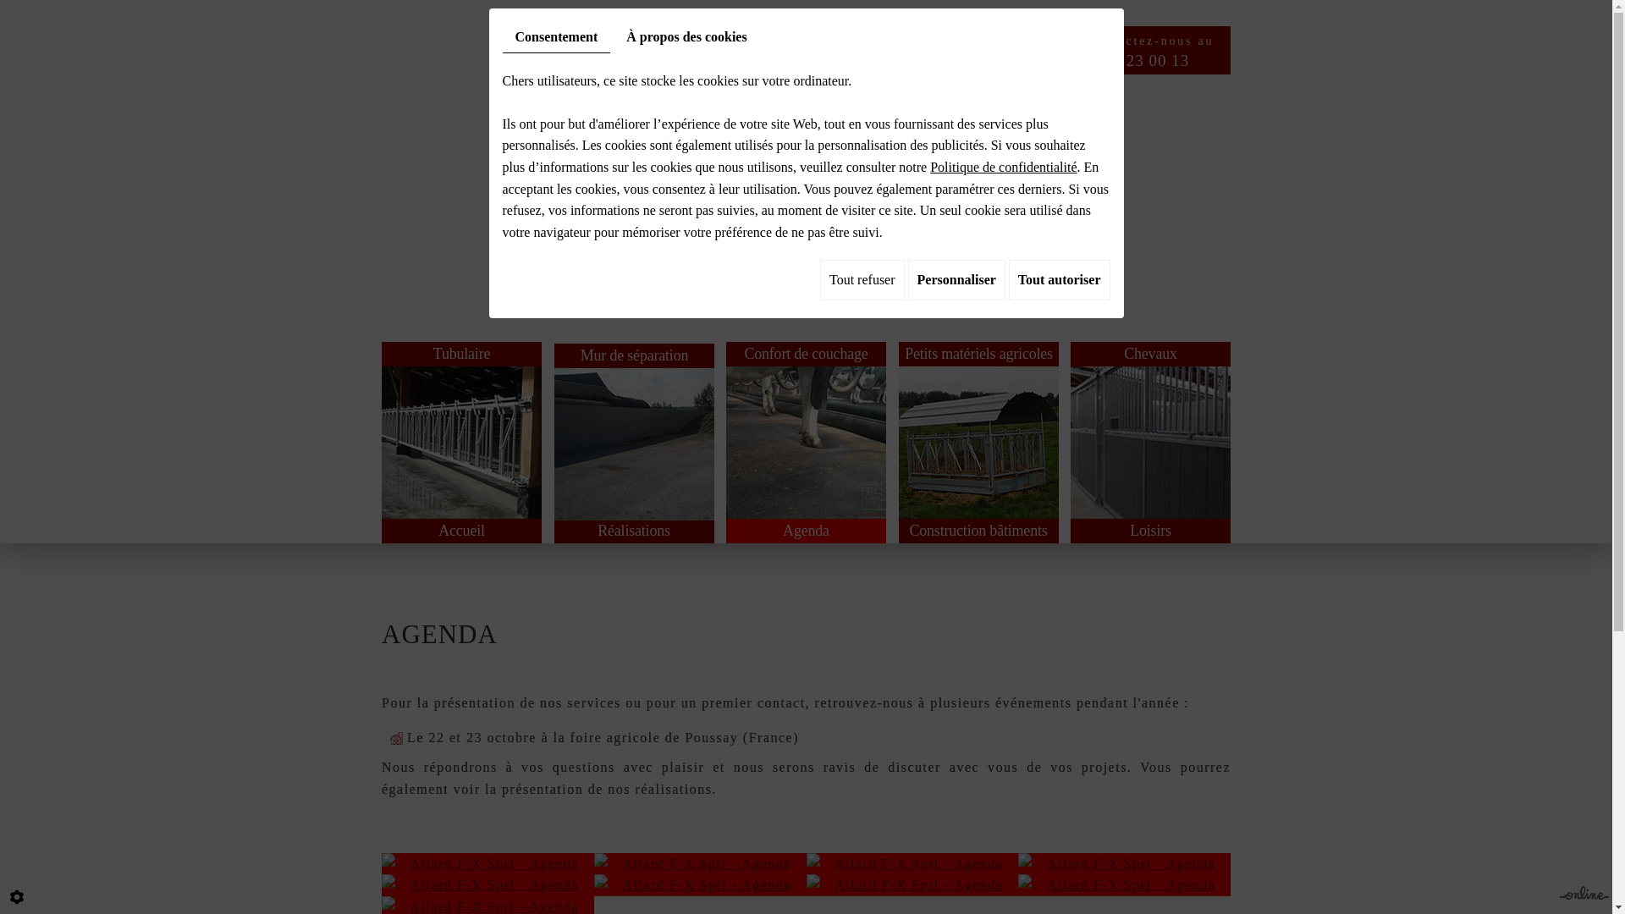 The image size is (1625, 914). Describe the element at coordinates (726, 429) in the screenshot. I see `'Confort de couchage'` at that location.